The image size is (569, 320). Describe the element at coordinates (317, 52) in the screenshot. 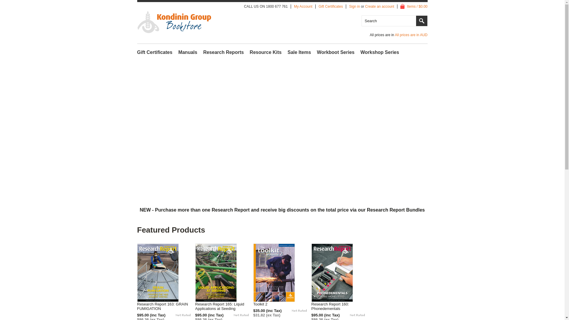

I see `'Workboot Series'` at that location.